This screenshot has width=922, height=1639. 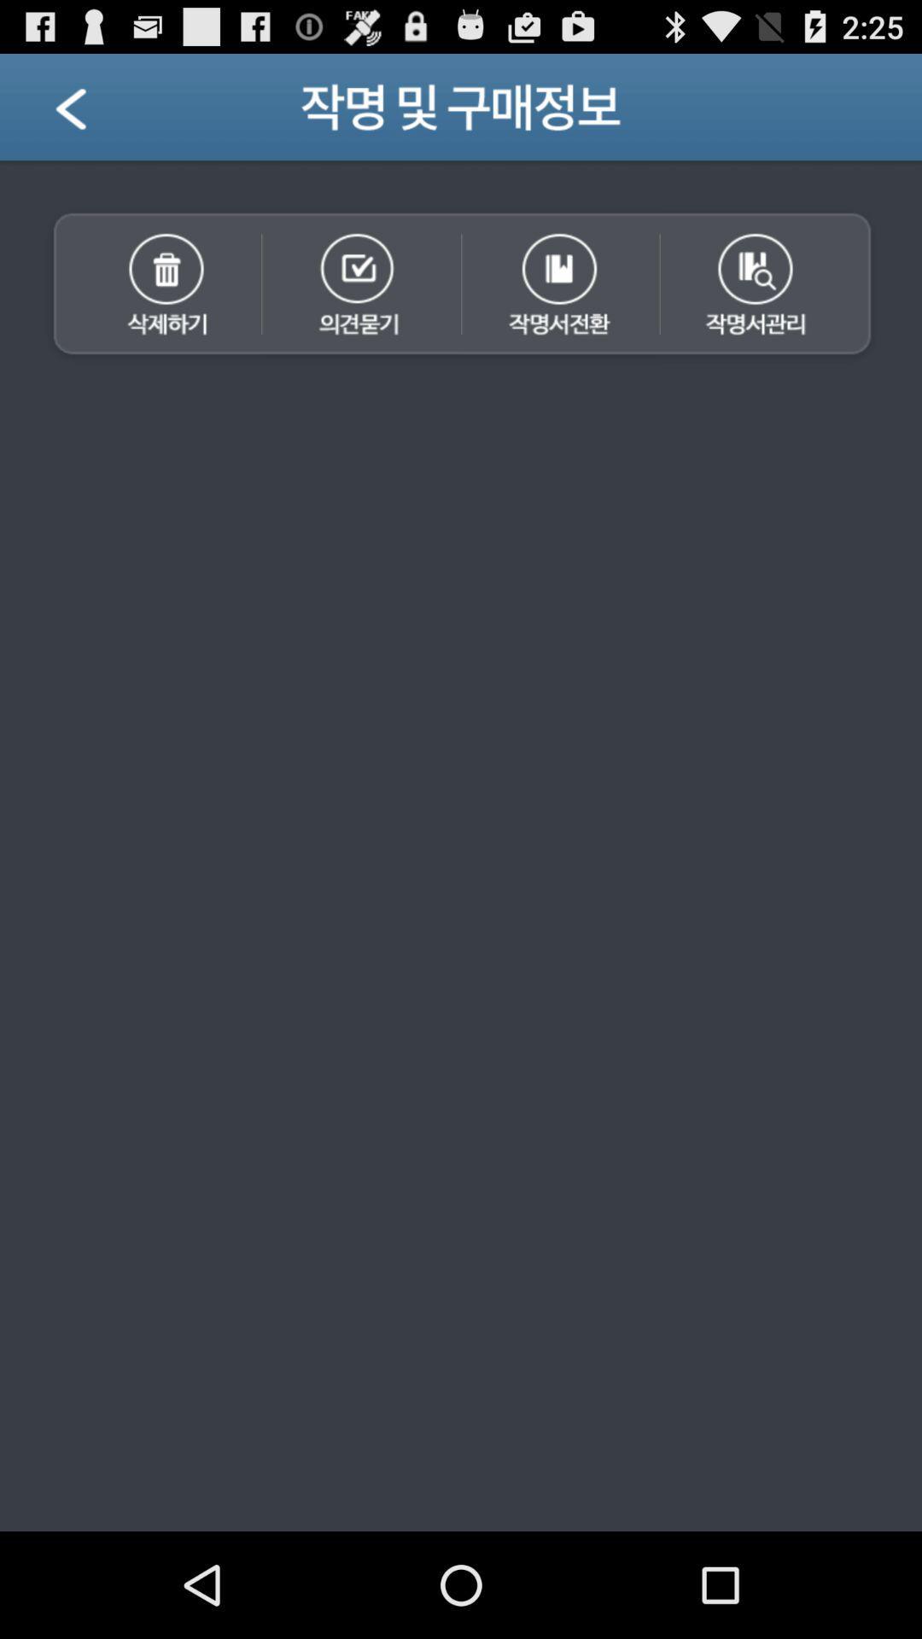 I want to click on acctivate 4th icon, so click(x=770, y=286).